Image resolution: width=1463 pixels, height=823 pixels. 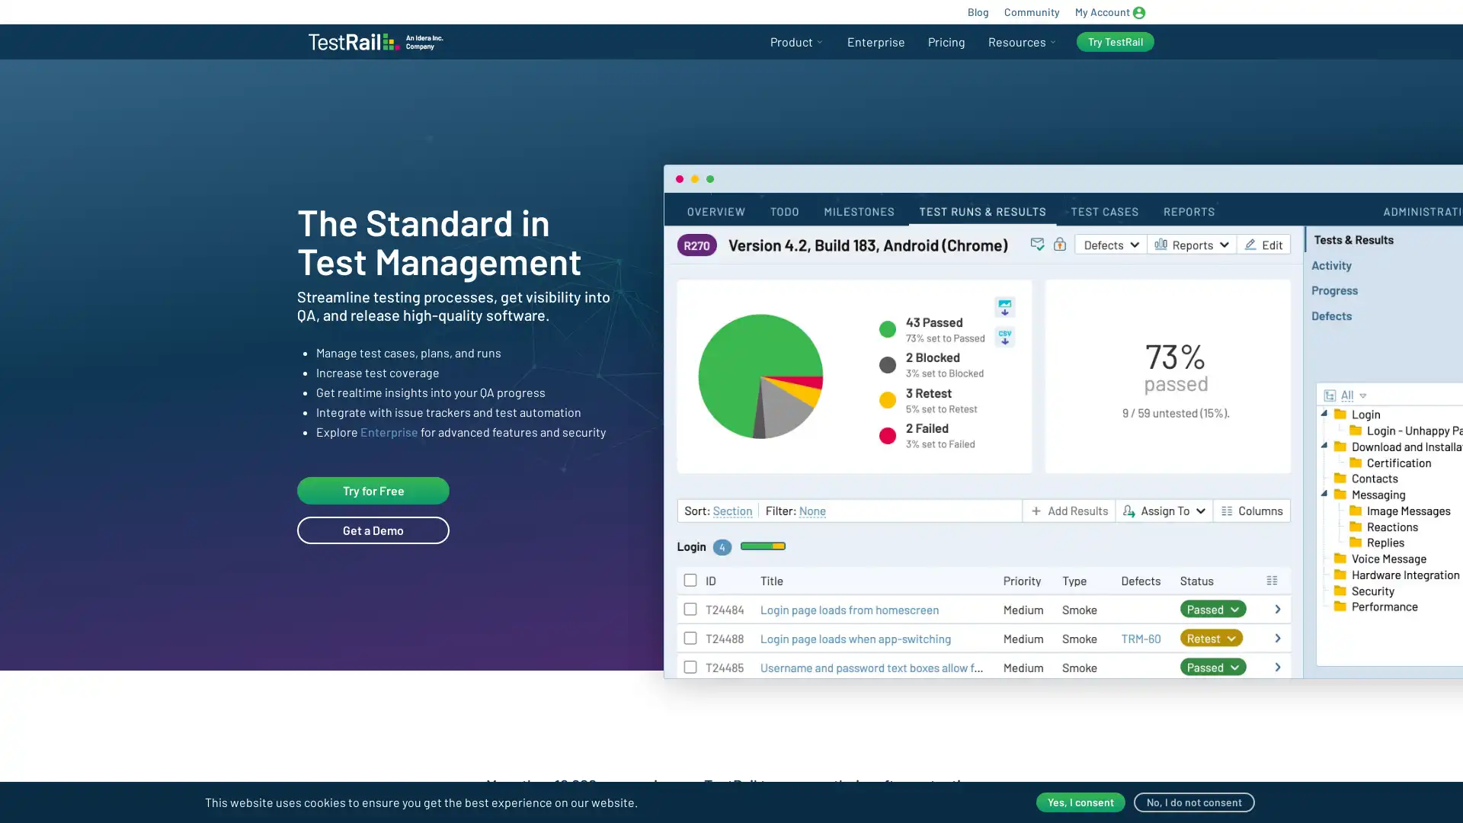 What do you see at coordinates (1116, 40) in the screenshot?
I see `Try TestRail` at bounding box center [1116, 40].